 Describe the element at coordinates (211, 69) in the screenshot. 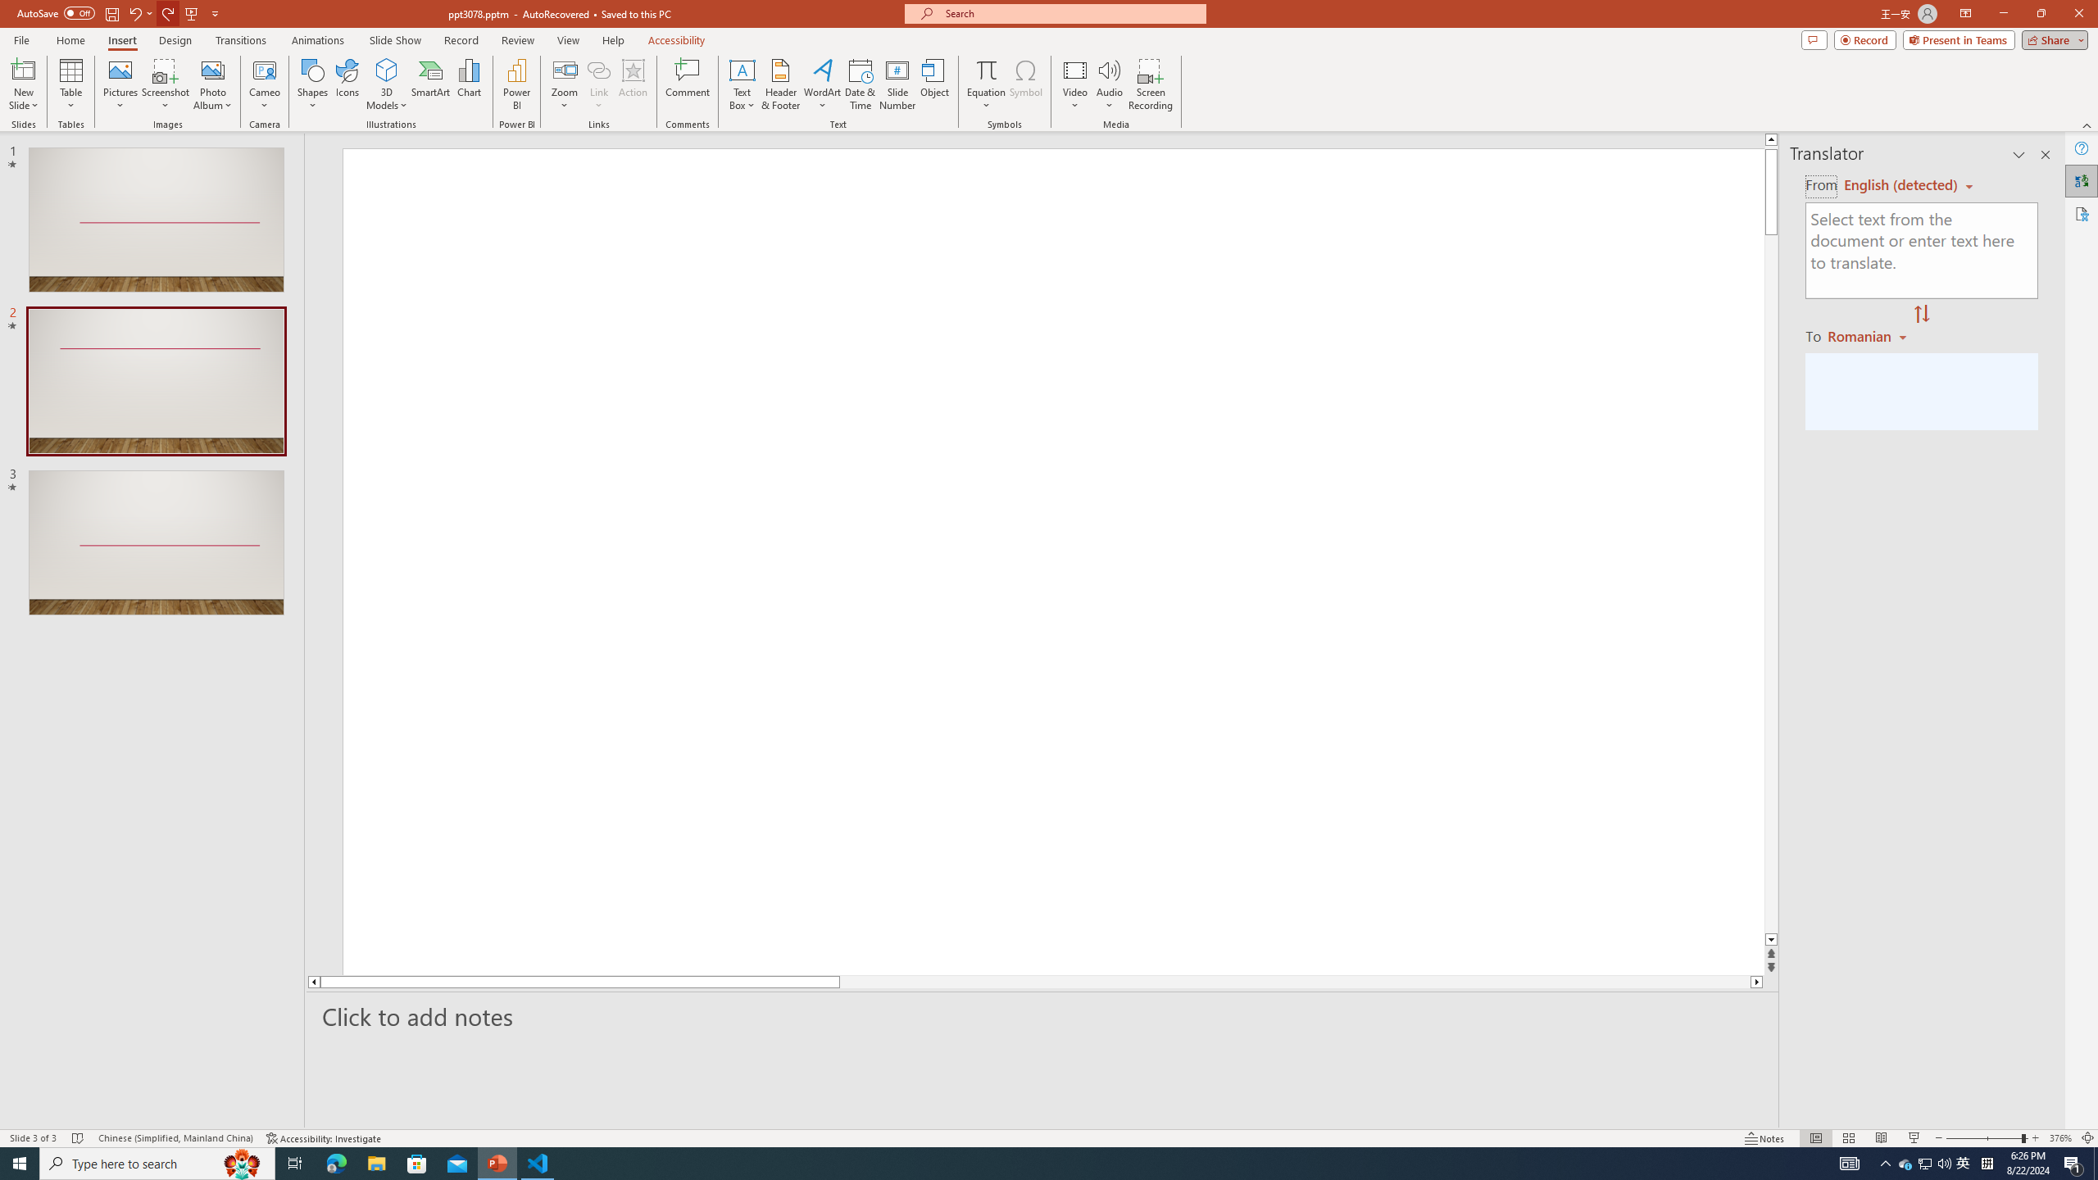

I see `'New Photo Album...'` at that location.